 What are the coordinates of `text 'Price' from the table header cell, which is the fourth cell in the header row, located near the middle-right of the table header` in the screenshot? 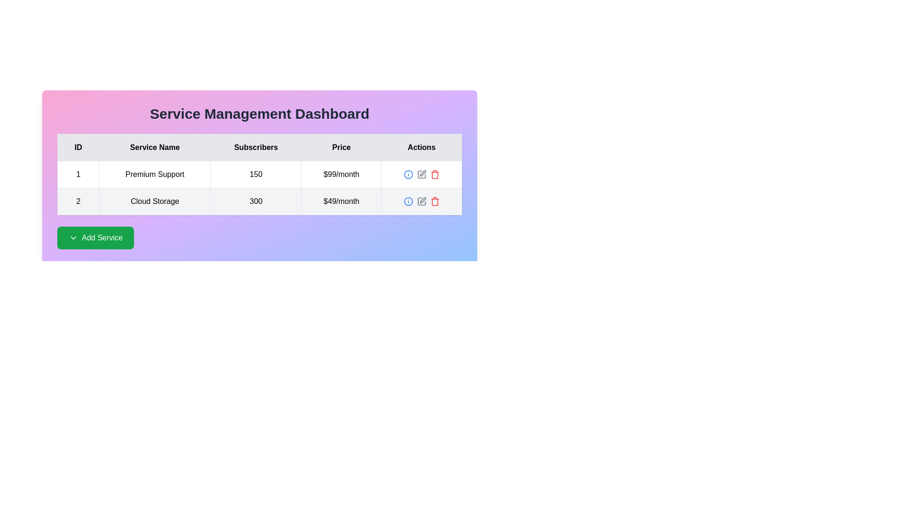 It's located at (341, 148).